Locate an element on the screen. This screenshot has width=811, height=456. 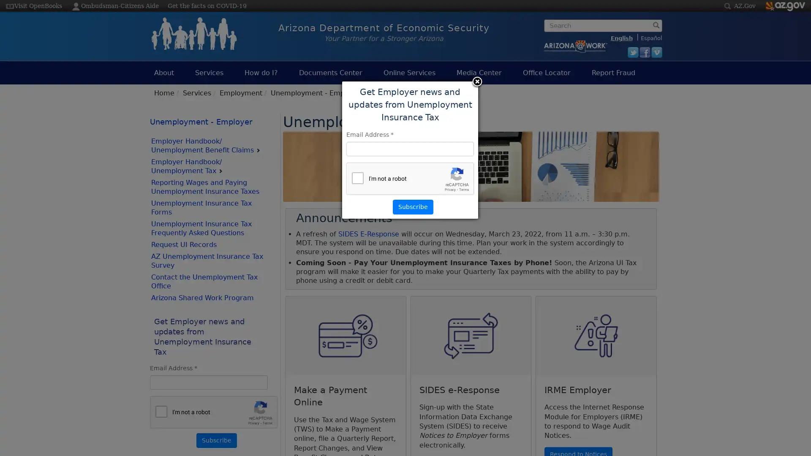
Close Pop Up is located at coordinates (476, 82).